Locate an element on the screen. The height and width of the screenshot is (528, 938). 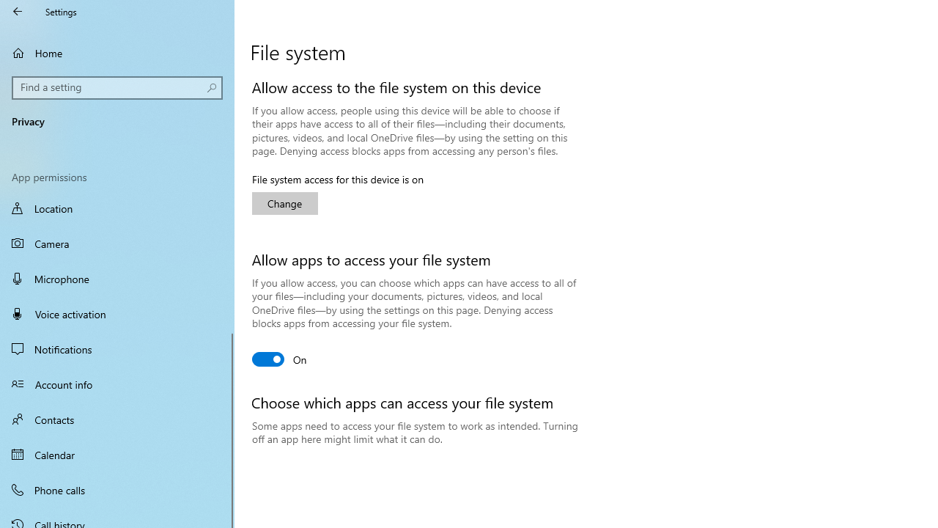
'Location' is located at coordinates (117, 210).